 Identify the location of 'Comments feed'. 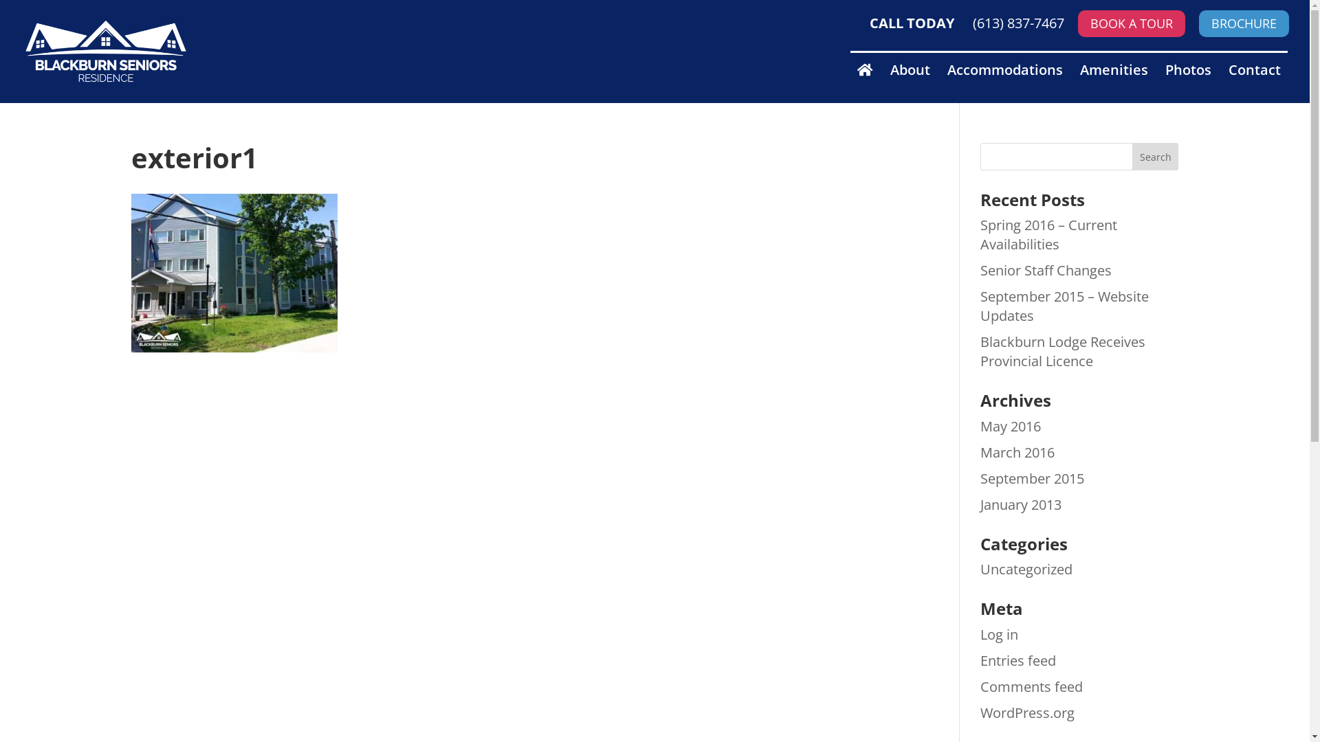
(1031, 686).